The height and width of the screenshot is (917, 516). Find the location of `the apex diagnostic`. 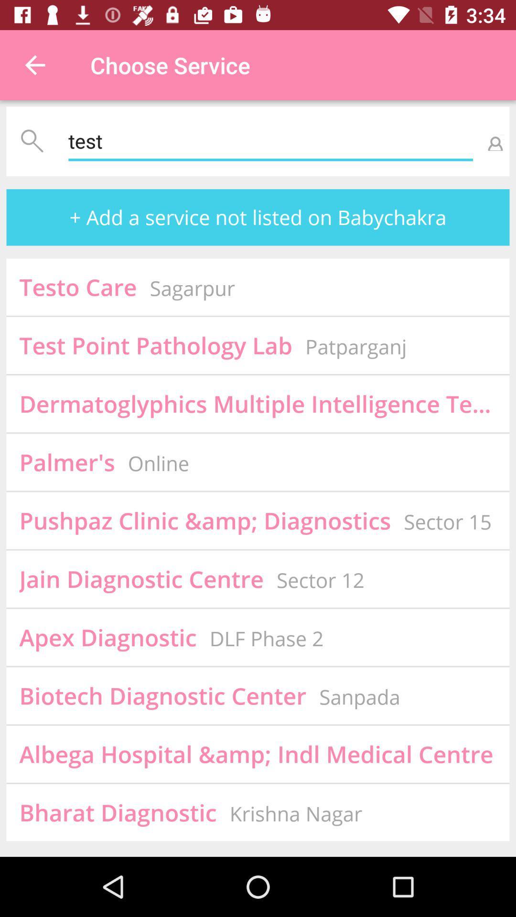

the apex diagnostic is located at coordinates (107, 637).